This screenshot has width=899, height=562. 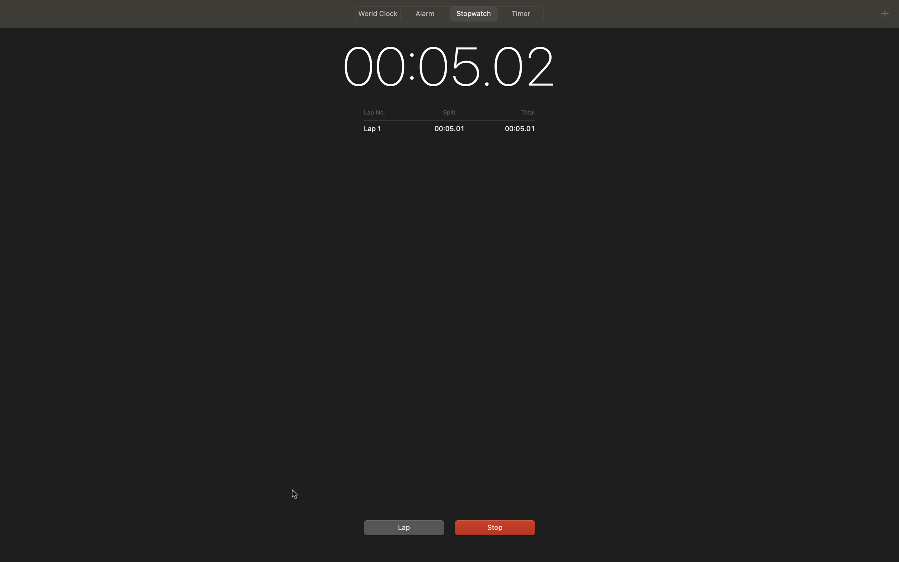 What do you see at coordinates (493, 526) in the screenshot?
I see `Continue the timing on the stopwatch and then set a lap` at bounding box center [493, 526].